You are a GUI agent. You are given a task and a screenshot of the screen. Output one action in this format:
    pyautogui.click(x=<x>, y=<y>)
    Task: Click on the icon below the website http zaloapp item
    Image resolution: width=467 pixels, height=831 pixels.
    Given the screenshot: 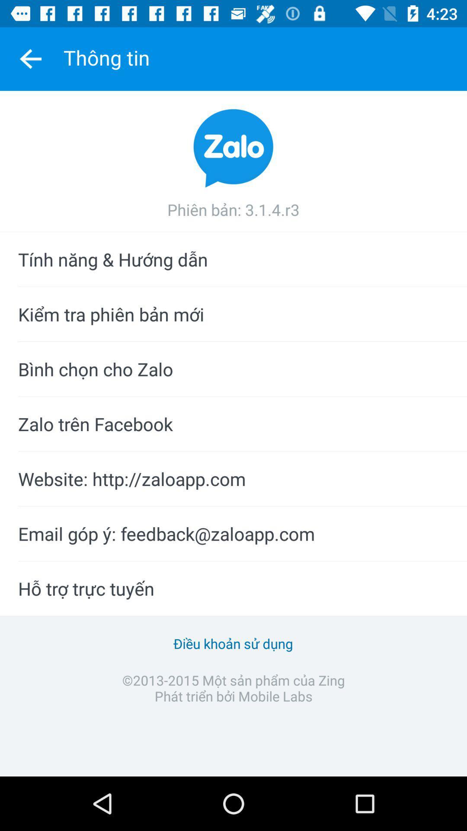 What is the action you would take?
    pyautogui.click(x=233, y=533)
    